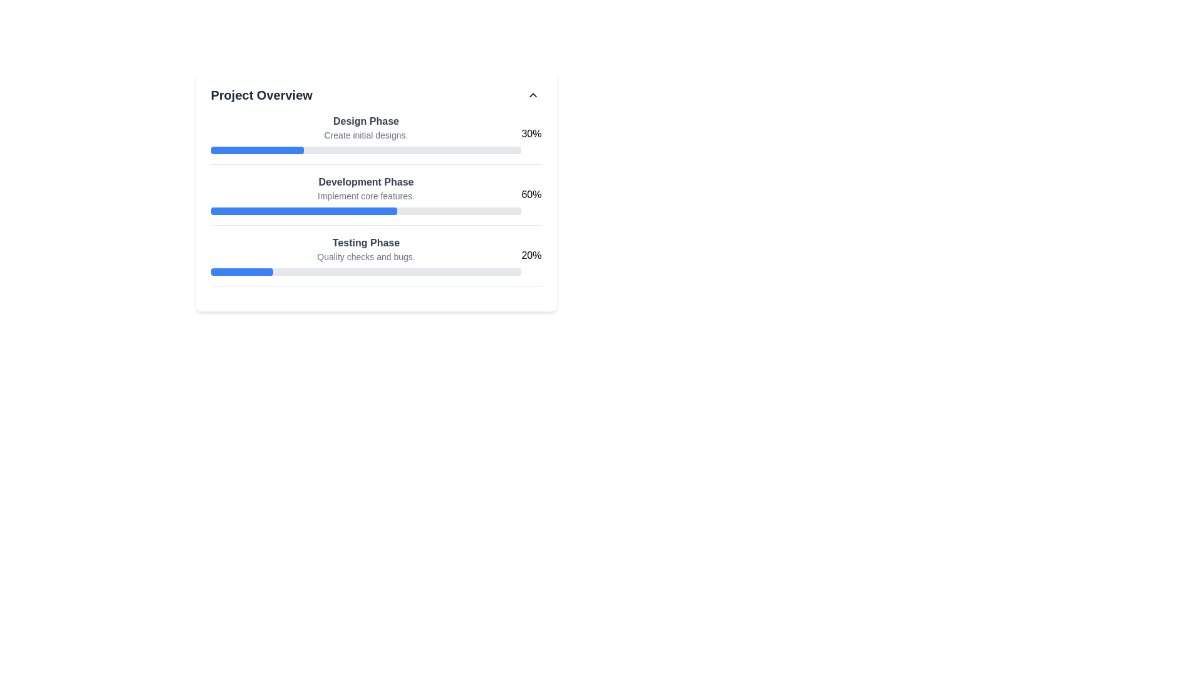  I want to click on the text element displaying 'Quality checks and bugs.' which is styled in a small gray font and positioned underneath the 'Testing Phase' heading, so click(365, 256).